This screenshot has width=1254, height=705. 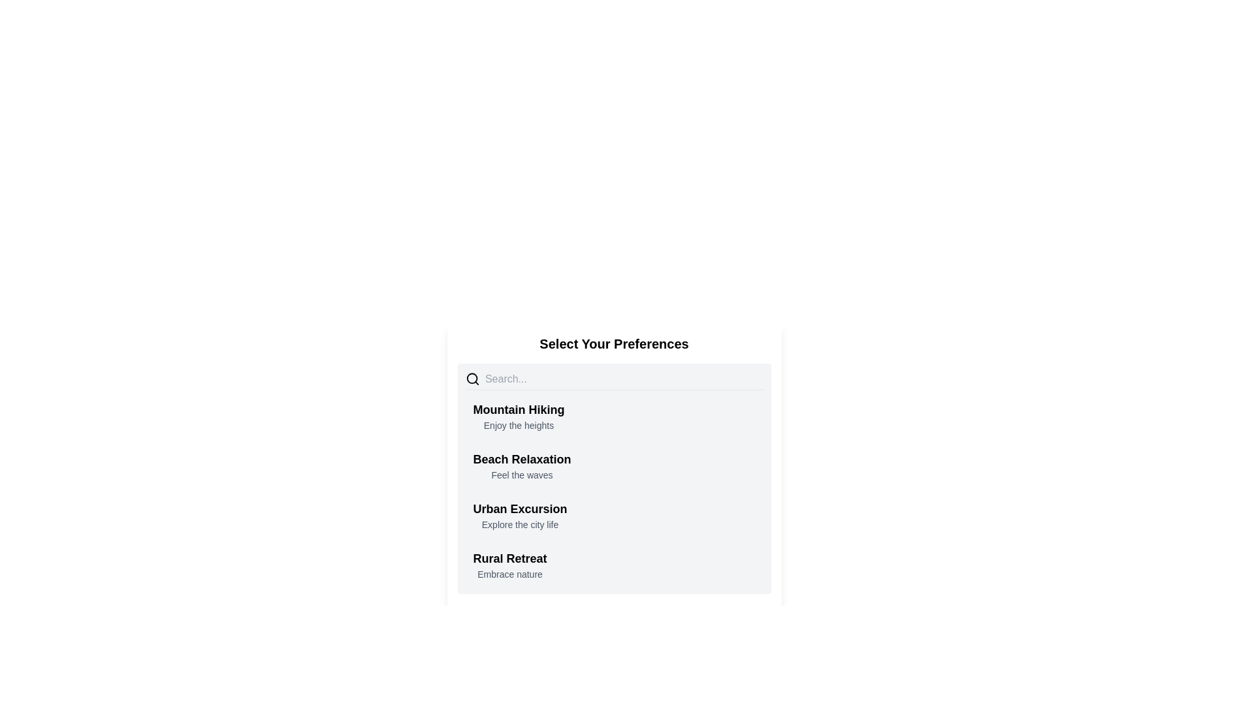 What do you see at coordinates (613, 381) in the screenshot?
I see `the search bar located at the top of the preferences section to focus on it` at bounding box center [613, 381].